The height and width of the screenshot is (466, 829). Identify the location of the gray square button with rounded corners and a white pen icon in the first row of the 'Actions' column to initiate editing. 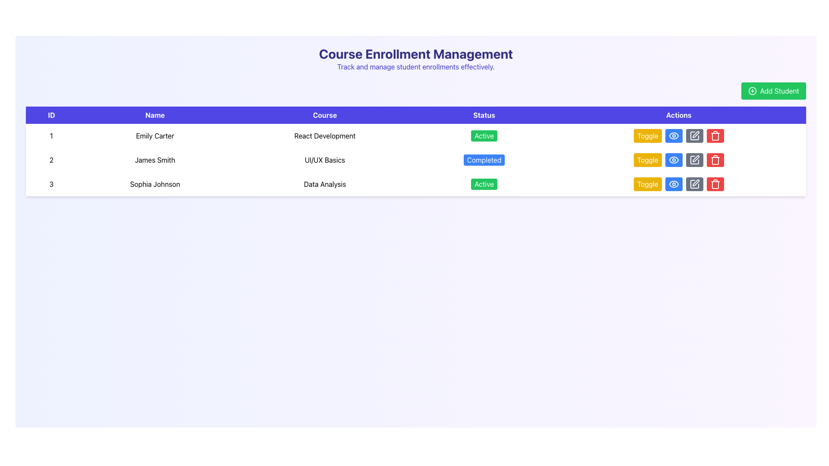
(694, 160).